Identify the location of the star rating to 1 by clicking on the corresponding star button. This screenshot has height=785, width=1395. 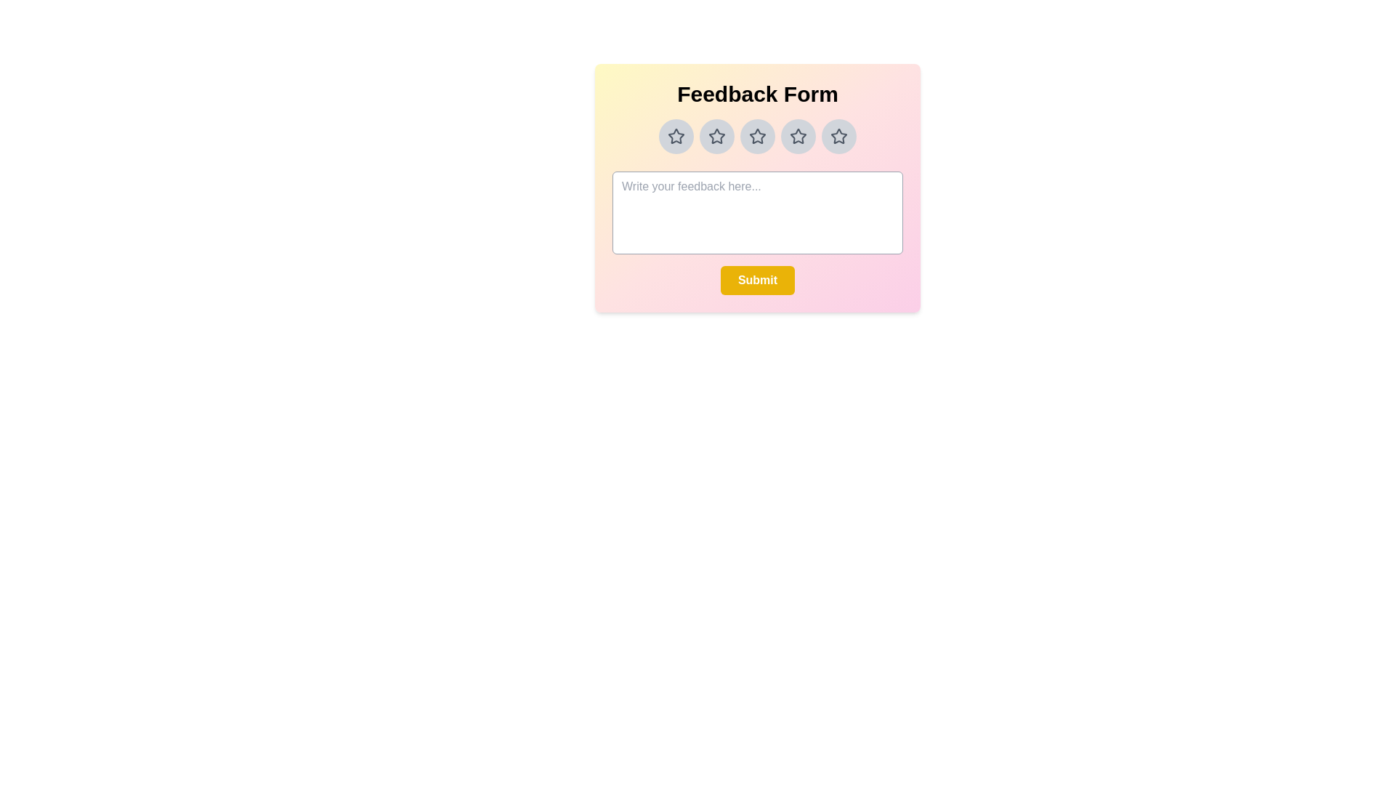
(676, 137).